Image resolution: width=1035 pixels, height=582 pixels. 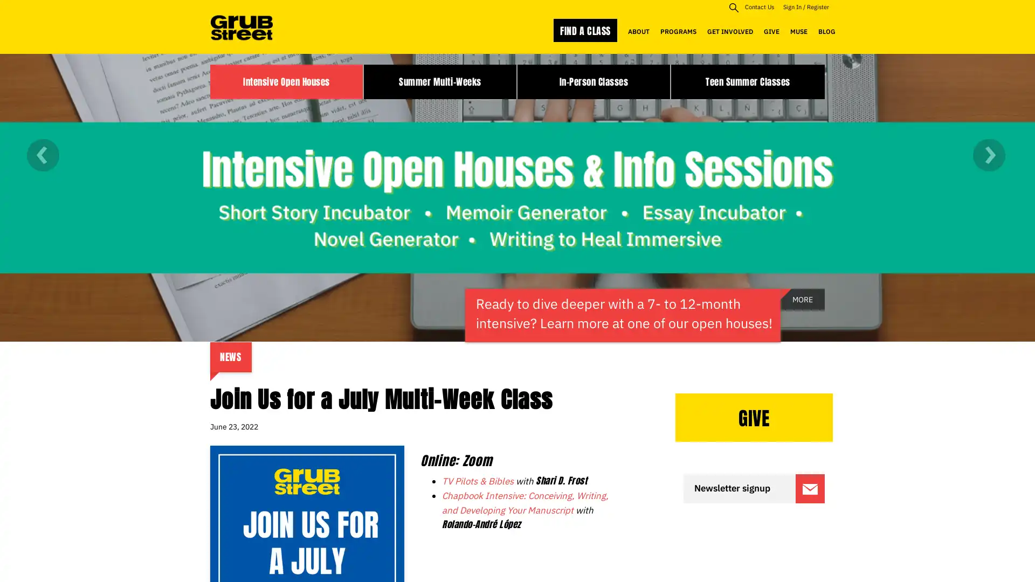 I want to click on site search, so click(x=733, y=7).